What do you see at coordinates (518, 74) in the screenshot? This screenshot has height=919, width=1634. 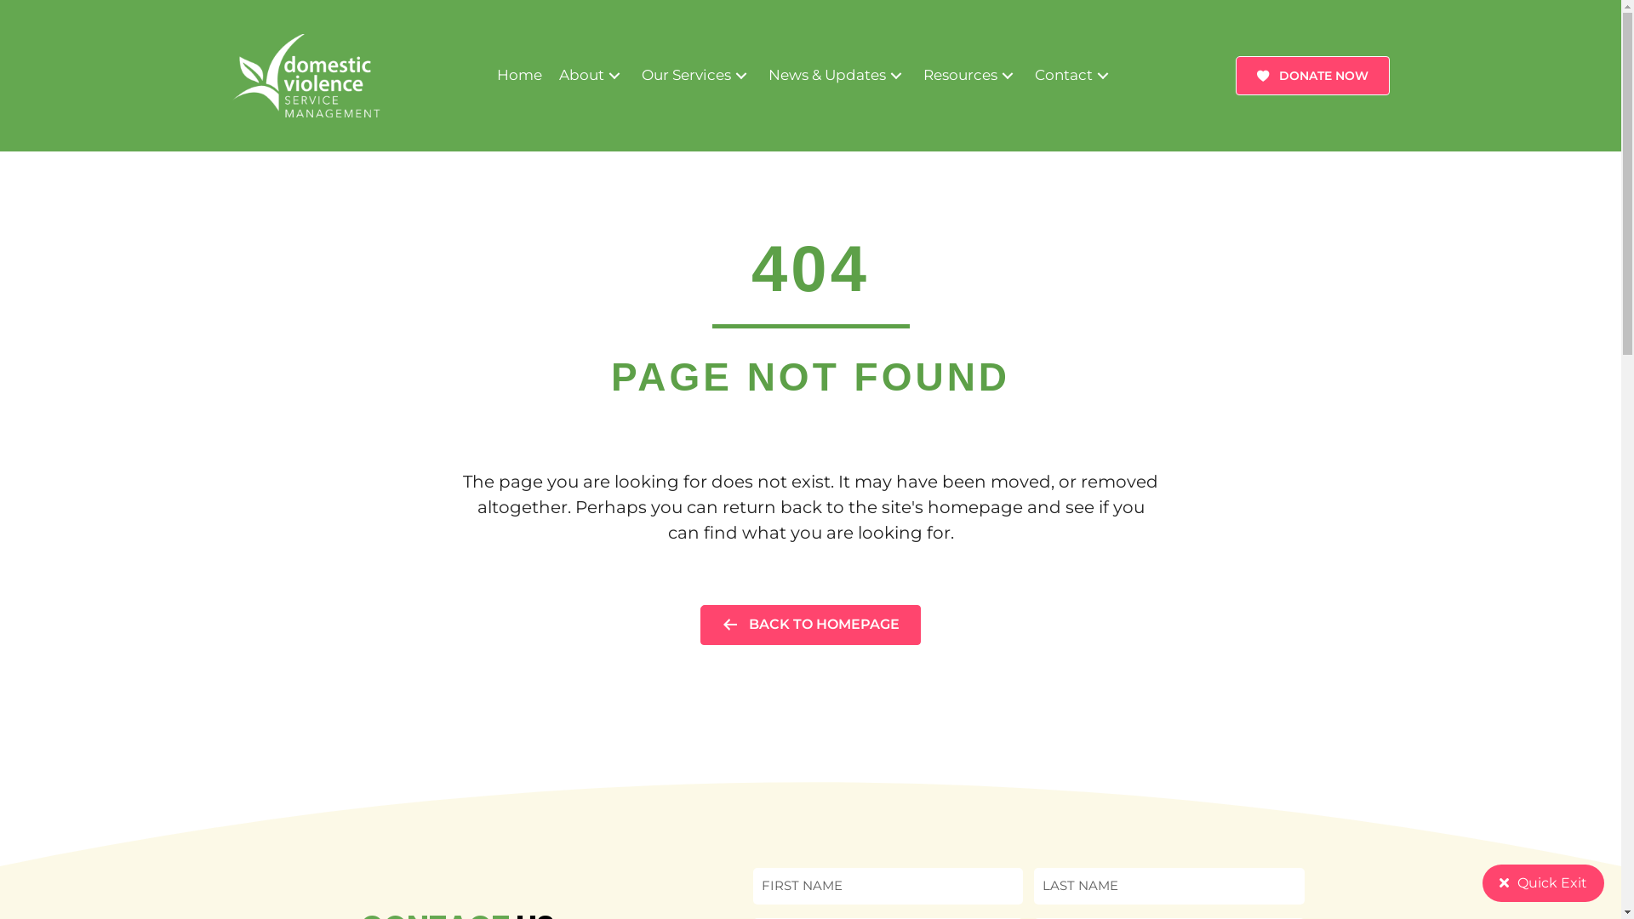 I see `'Home'` at bounding box center [518, 74].